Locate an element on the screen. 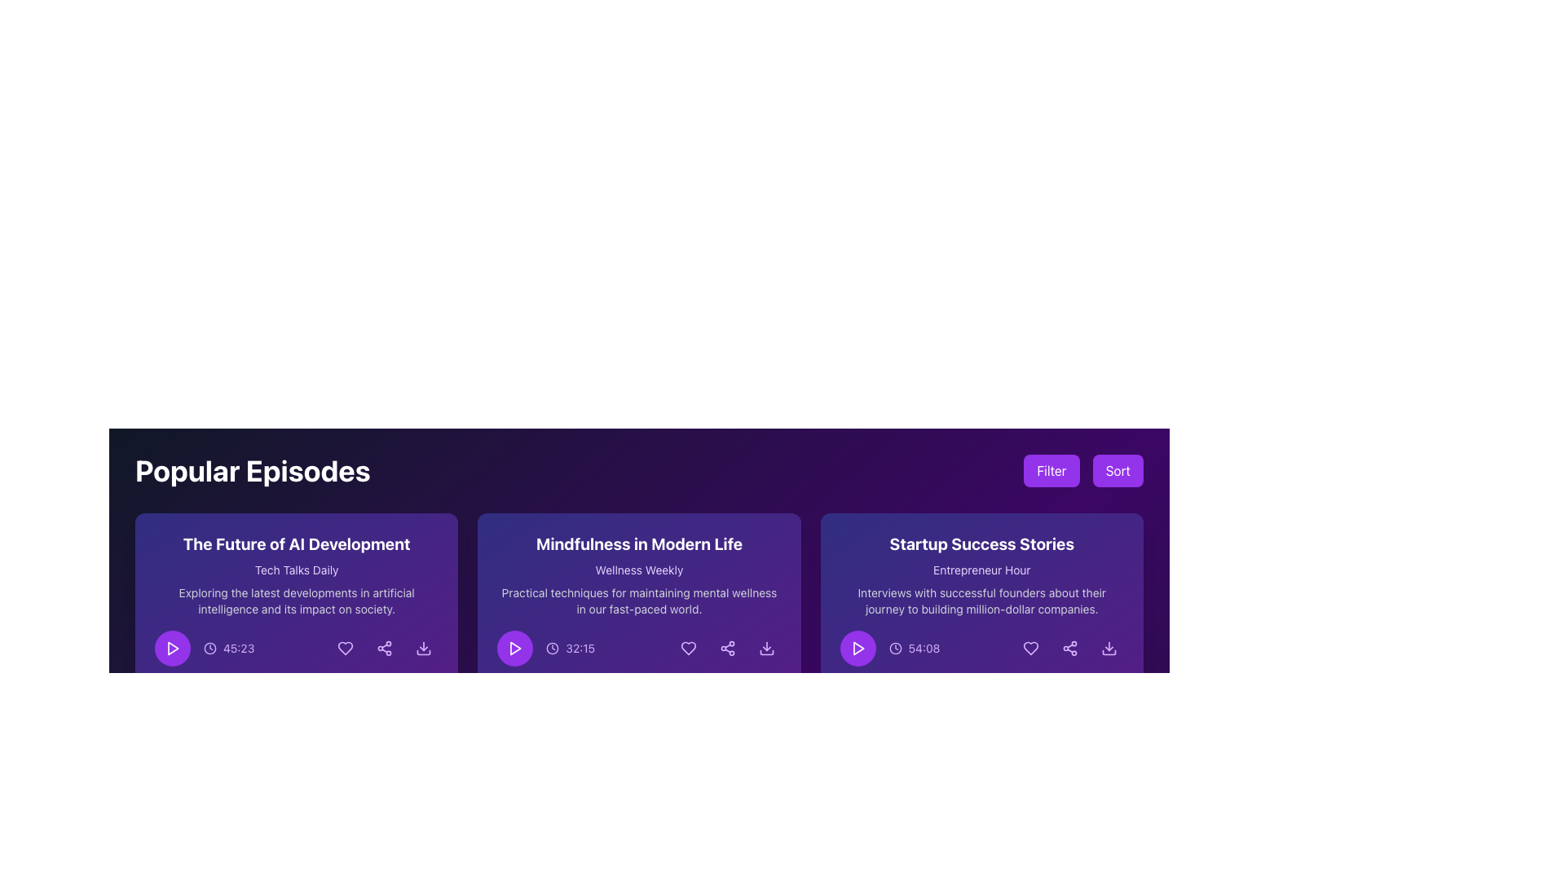 The width and height of the screenshot is (1565, 880). the 'Share' button located at the bottom-right corner of the 'Startup Success Stories' podcast episode card is located at coordinates (1070, 647).